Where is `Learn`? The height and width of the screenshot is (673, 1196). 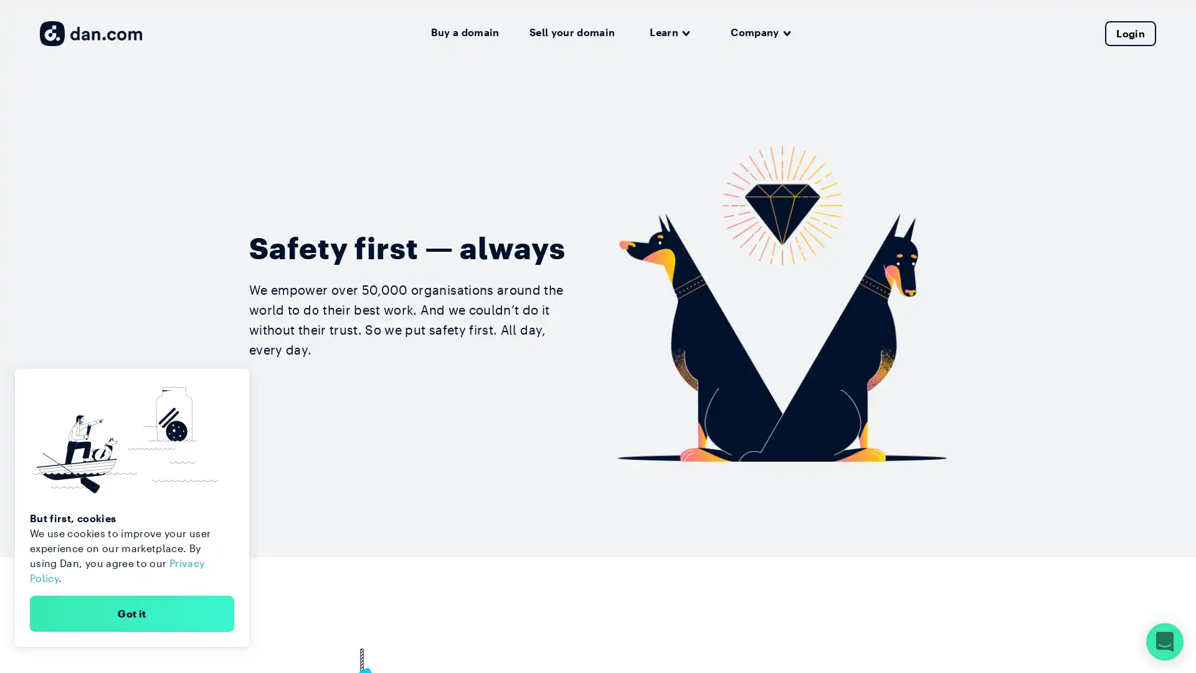 Learn is located at coordinates (669, 32).